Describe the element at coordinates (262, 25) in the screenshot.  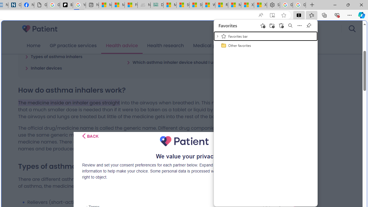
I see `'Add this page to favorites'` at that location.